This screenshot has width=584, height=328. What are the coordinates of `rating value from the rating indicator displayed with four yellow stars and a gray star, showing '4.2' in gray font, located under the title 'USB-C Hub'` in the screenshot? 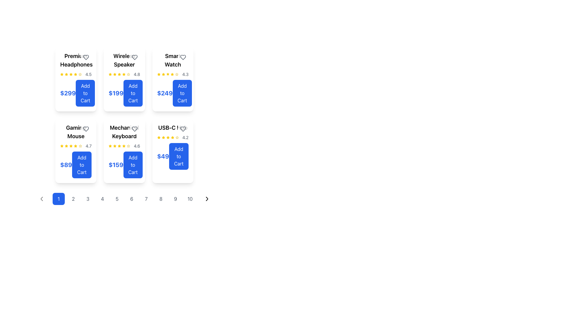 It's located at (172, 137).